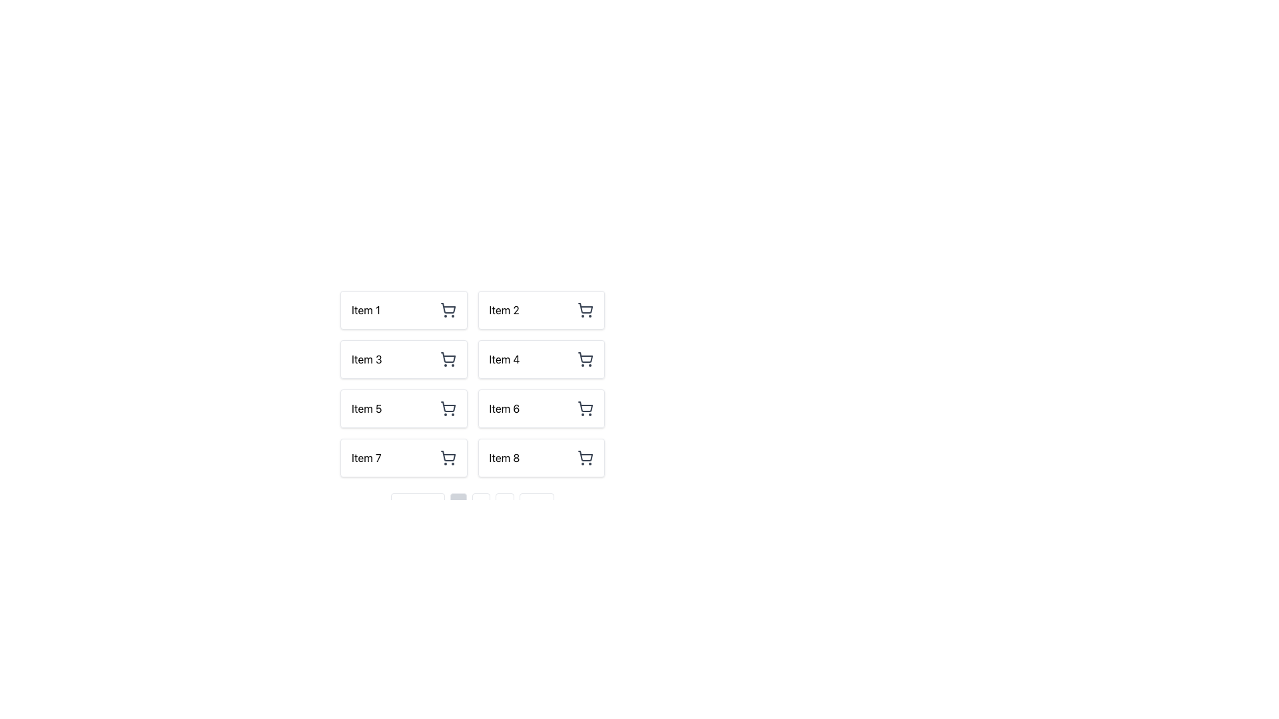 The image size is (1279, 719). I want to click on the pagination button that navigates to the third page of content, located in the horizontal navigation bar at the bottom of the interface, so click(504, 507).